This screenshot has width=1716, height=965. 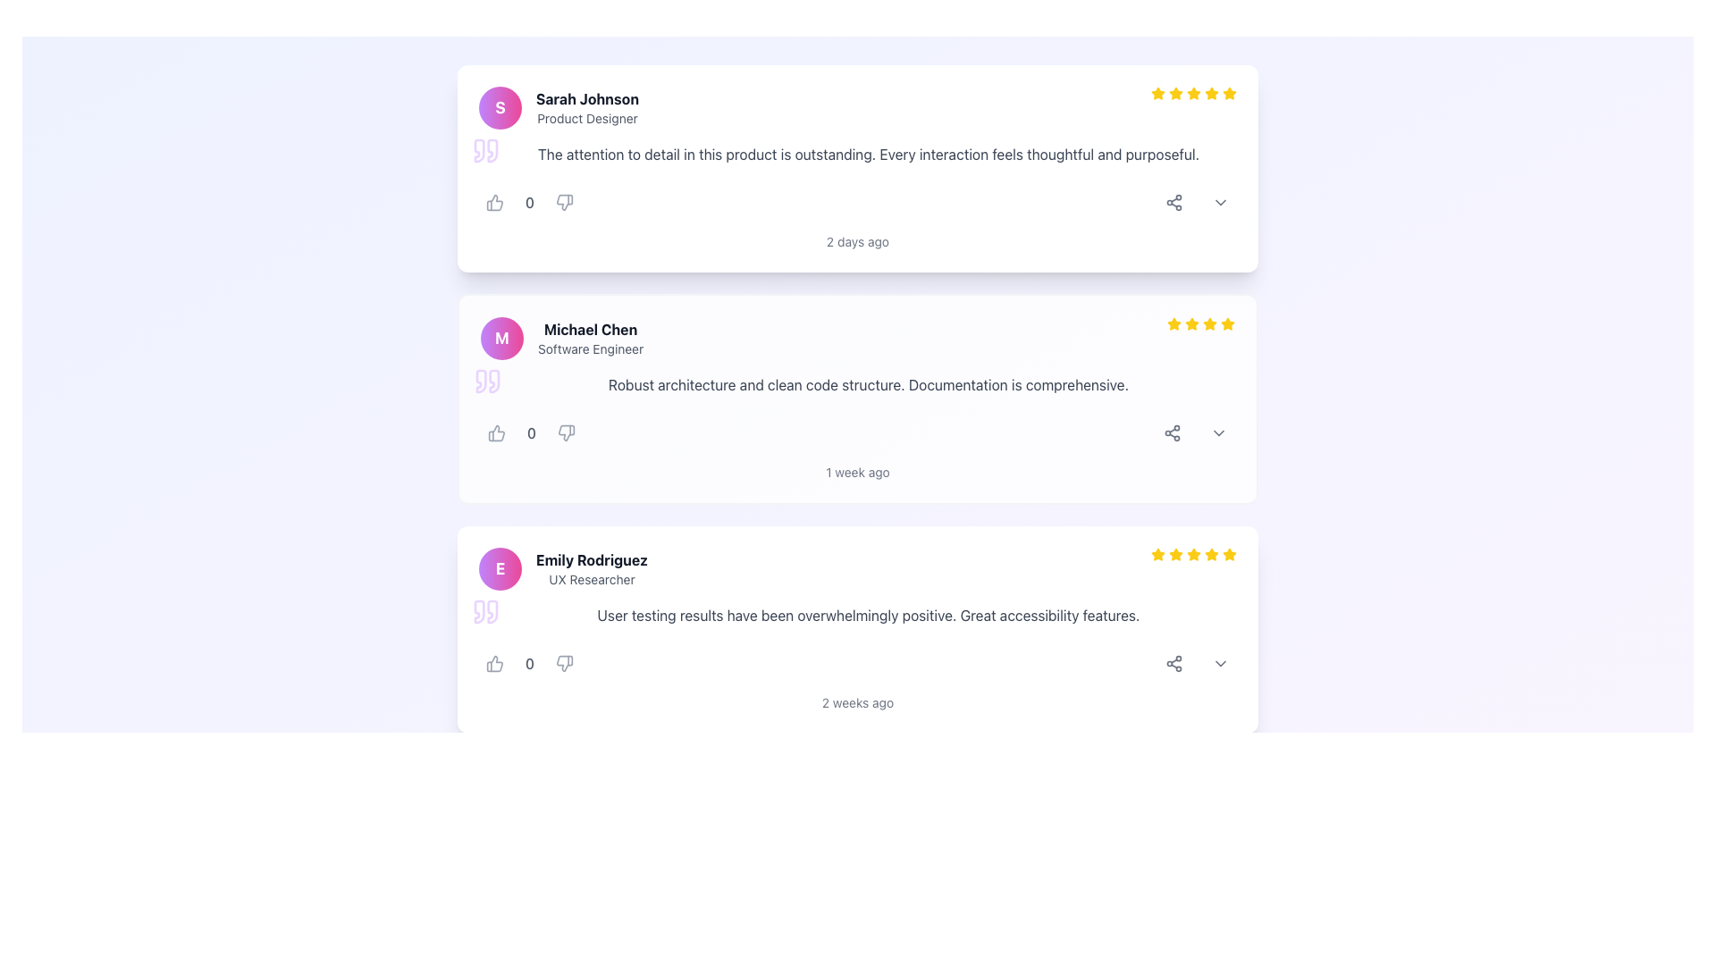 I want to click on the share icon, which is styled as a share symbol with three connected circles arranged in a triangular formation, located on the right side of each content card next to the rating stars, so click(x=1172, y=433).